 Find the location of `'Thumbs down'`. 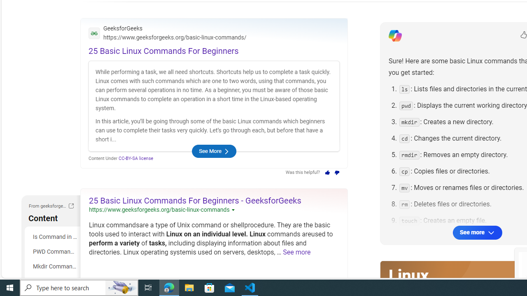

'Thumbs down' is located at coordinates (337, 172).